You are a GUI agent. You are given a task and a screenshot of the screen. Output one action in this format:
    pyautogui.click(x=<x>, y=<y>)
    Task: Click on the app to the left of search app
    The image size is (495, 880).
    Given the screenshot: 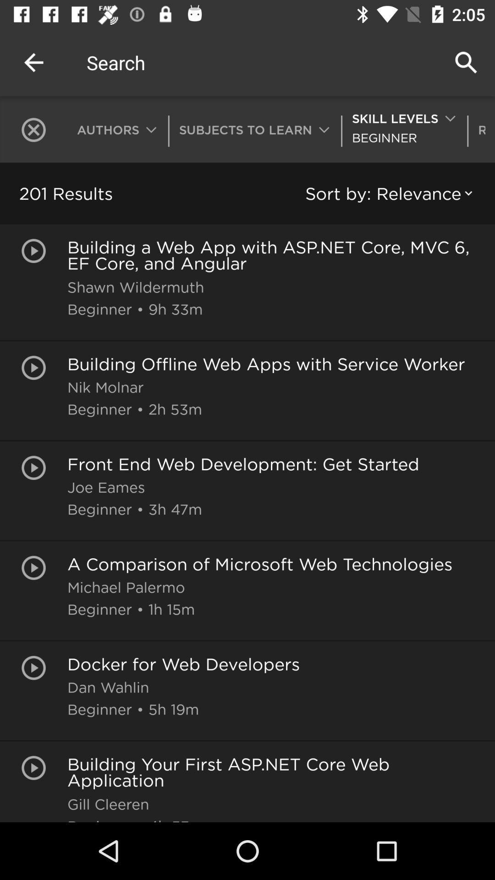 What is the action you would take?
    pyautogui.click(x=33, y=62)
    